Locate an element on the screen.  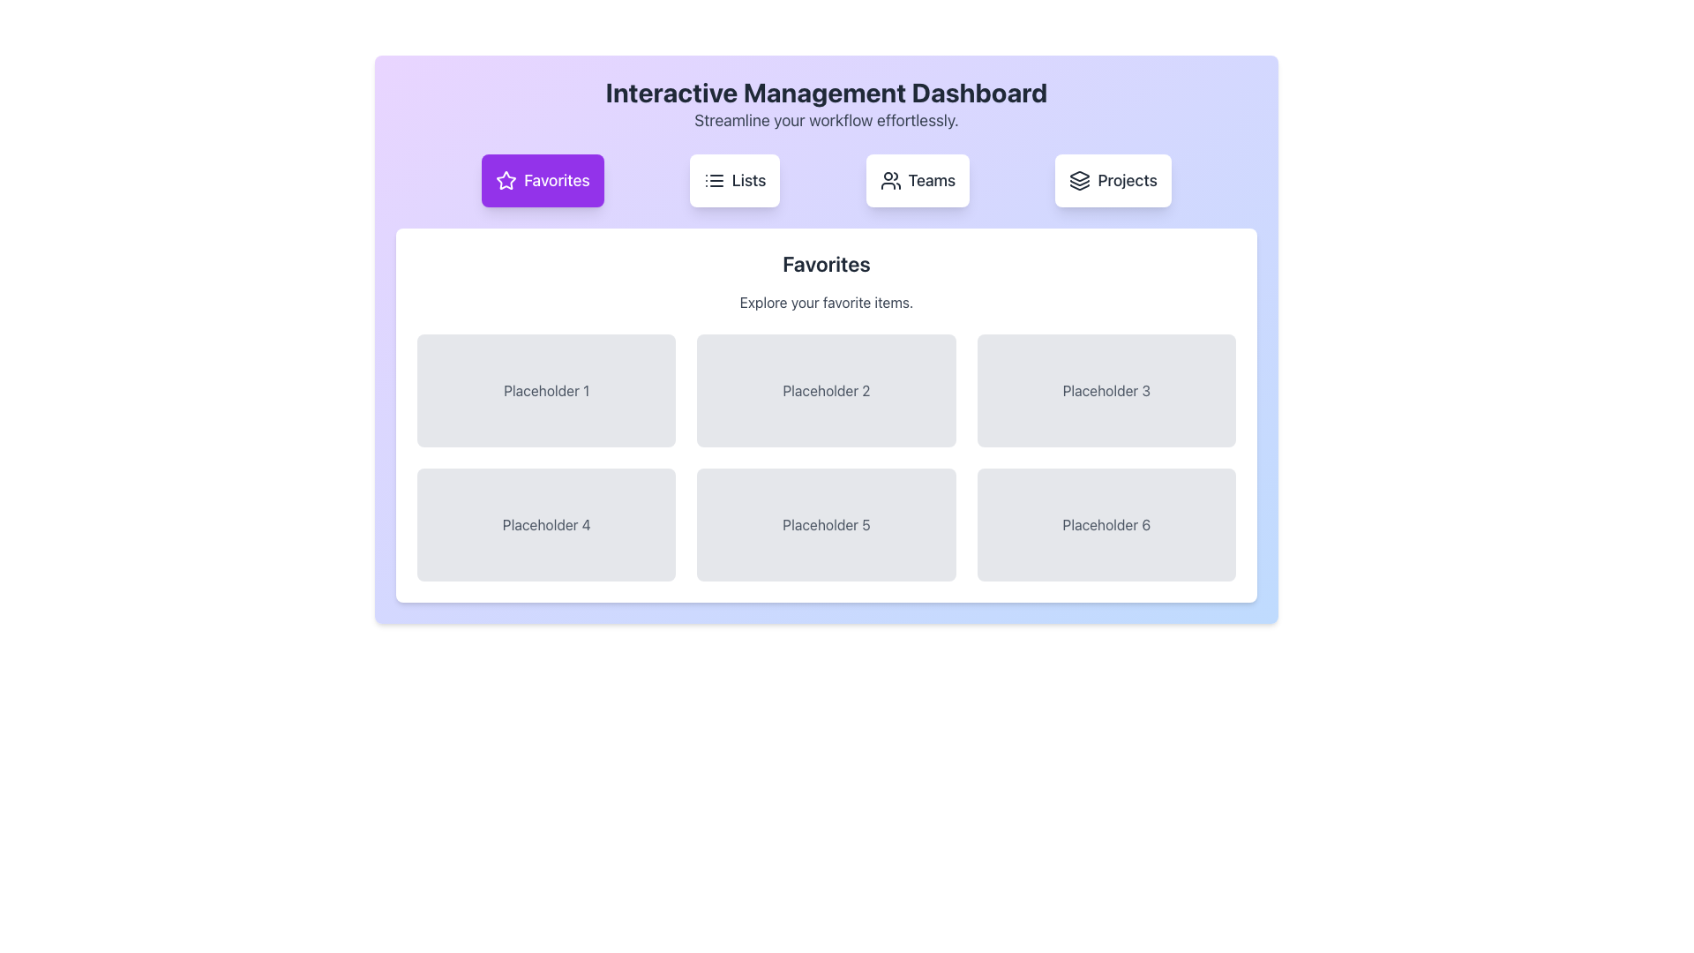
the 'Lists' text label within the button is located at coordinates (749, 180).